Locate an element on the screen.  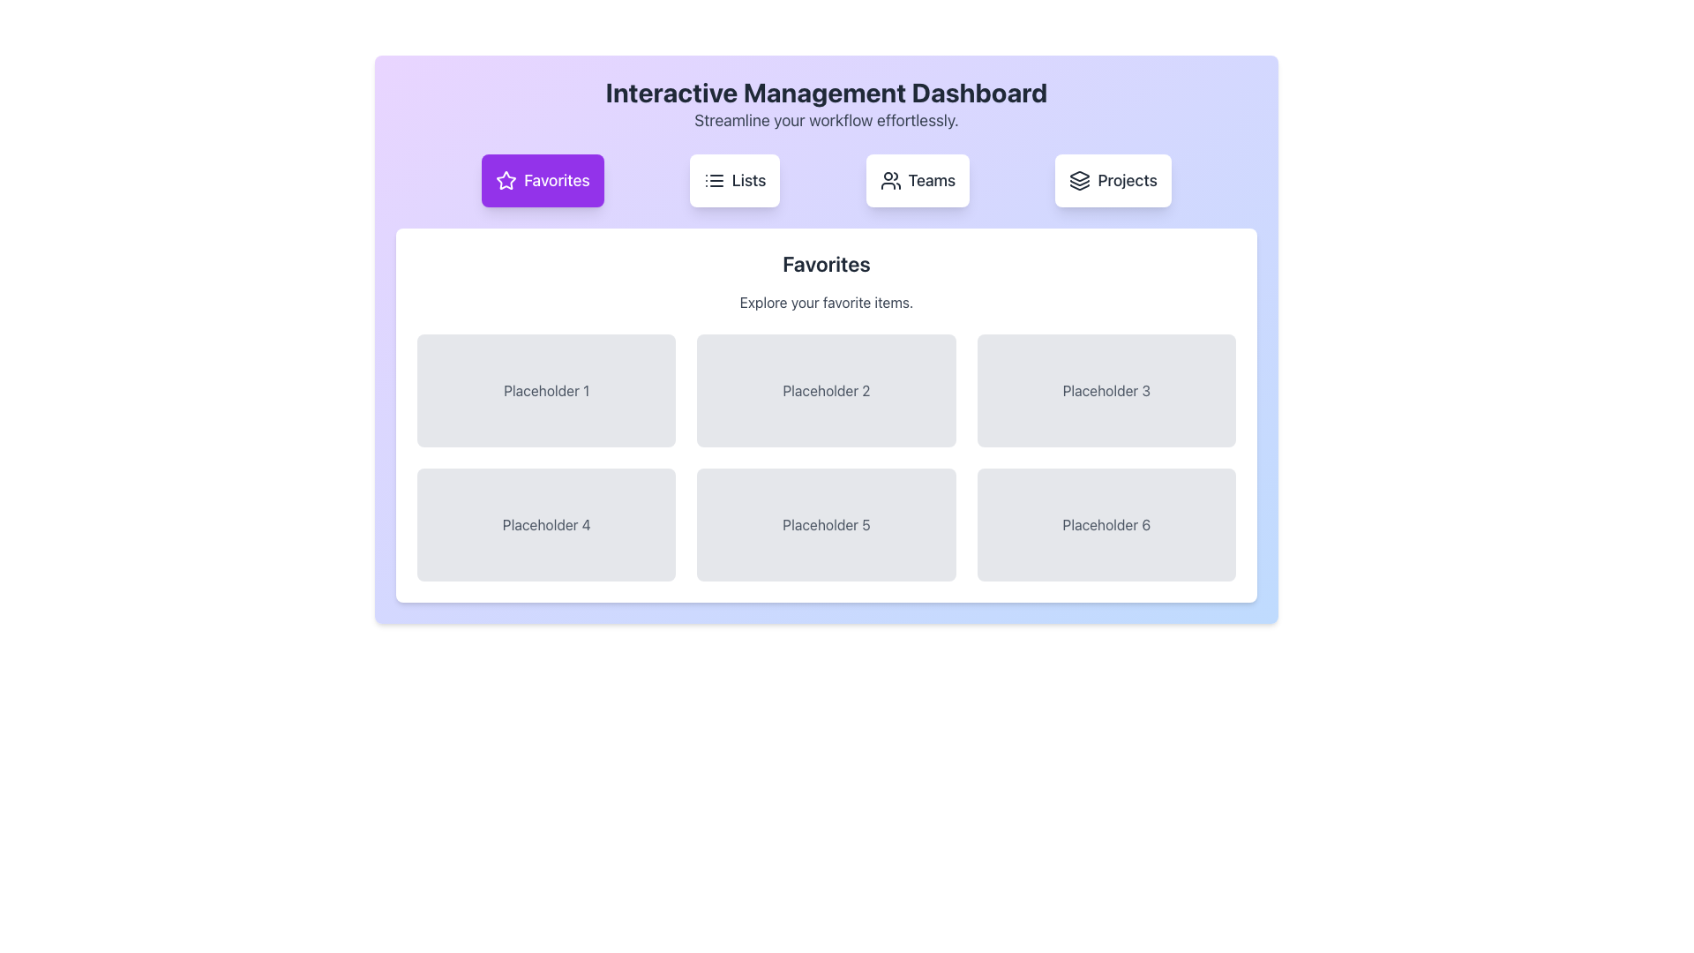
the 'Lists' text label within the button is located at coordinates (749, 180).